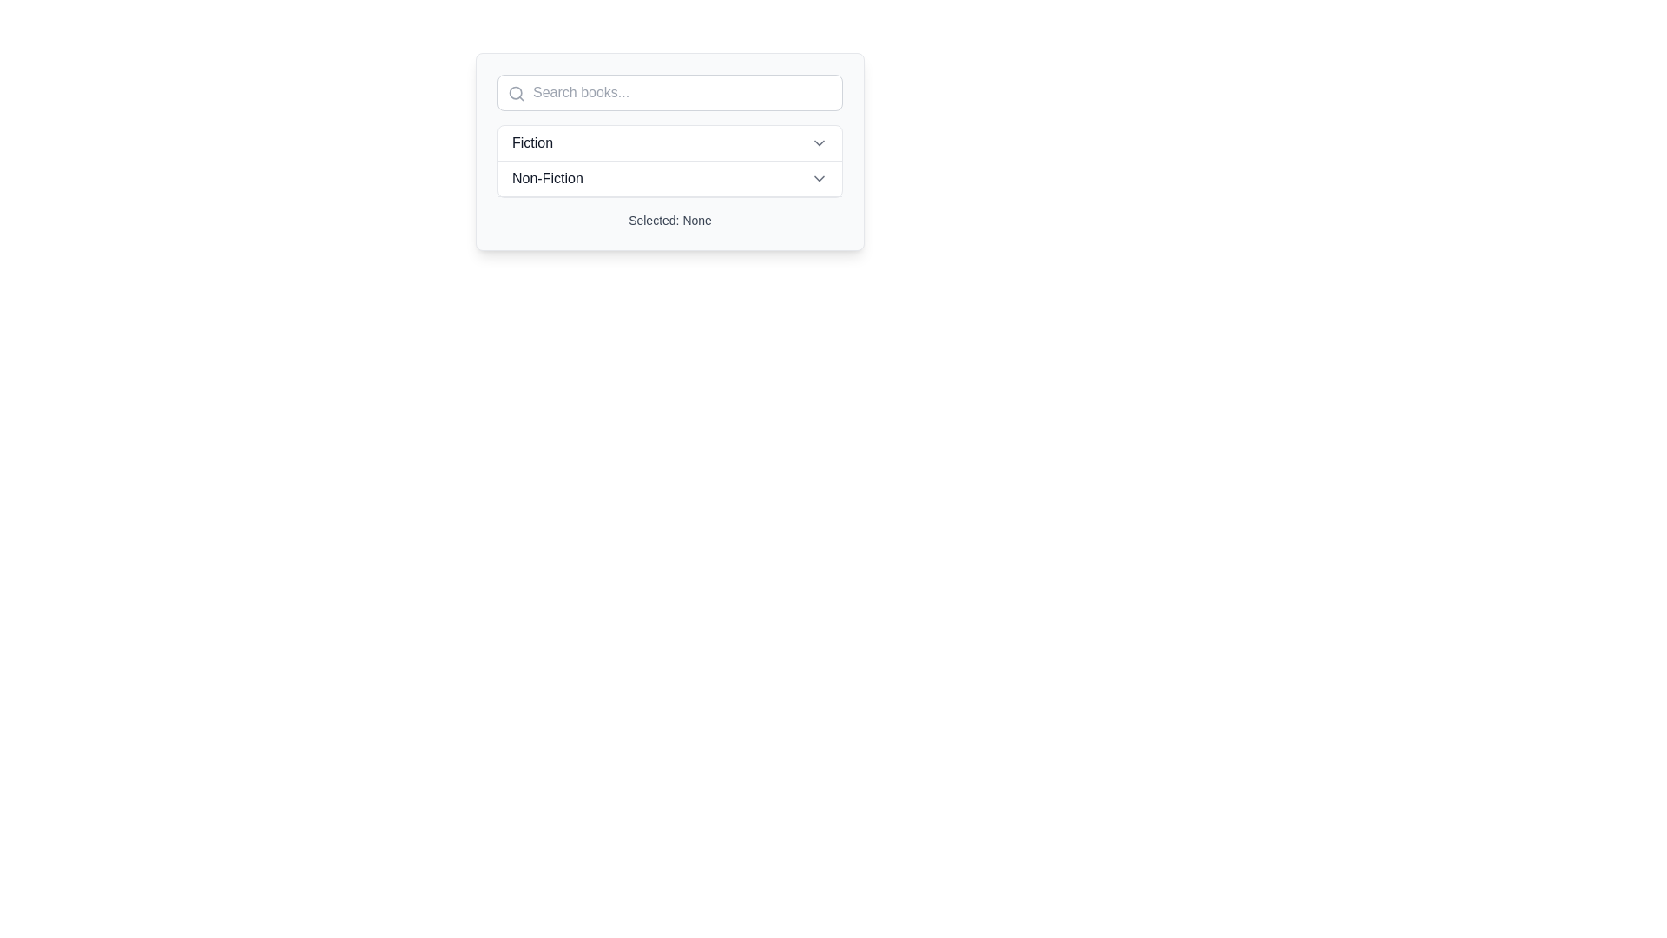 Image resolution: width=1667 pixels, height=938 pixels. Describe the element at coordinates (669, 142) in the screenshot. I see `the 'Fiction' dropdown option` at that location.